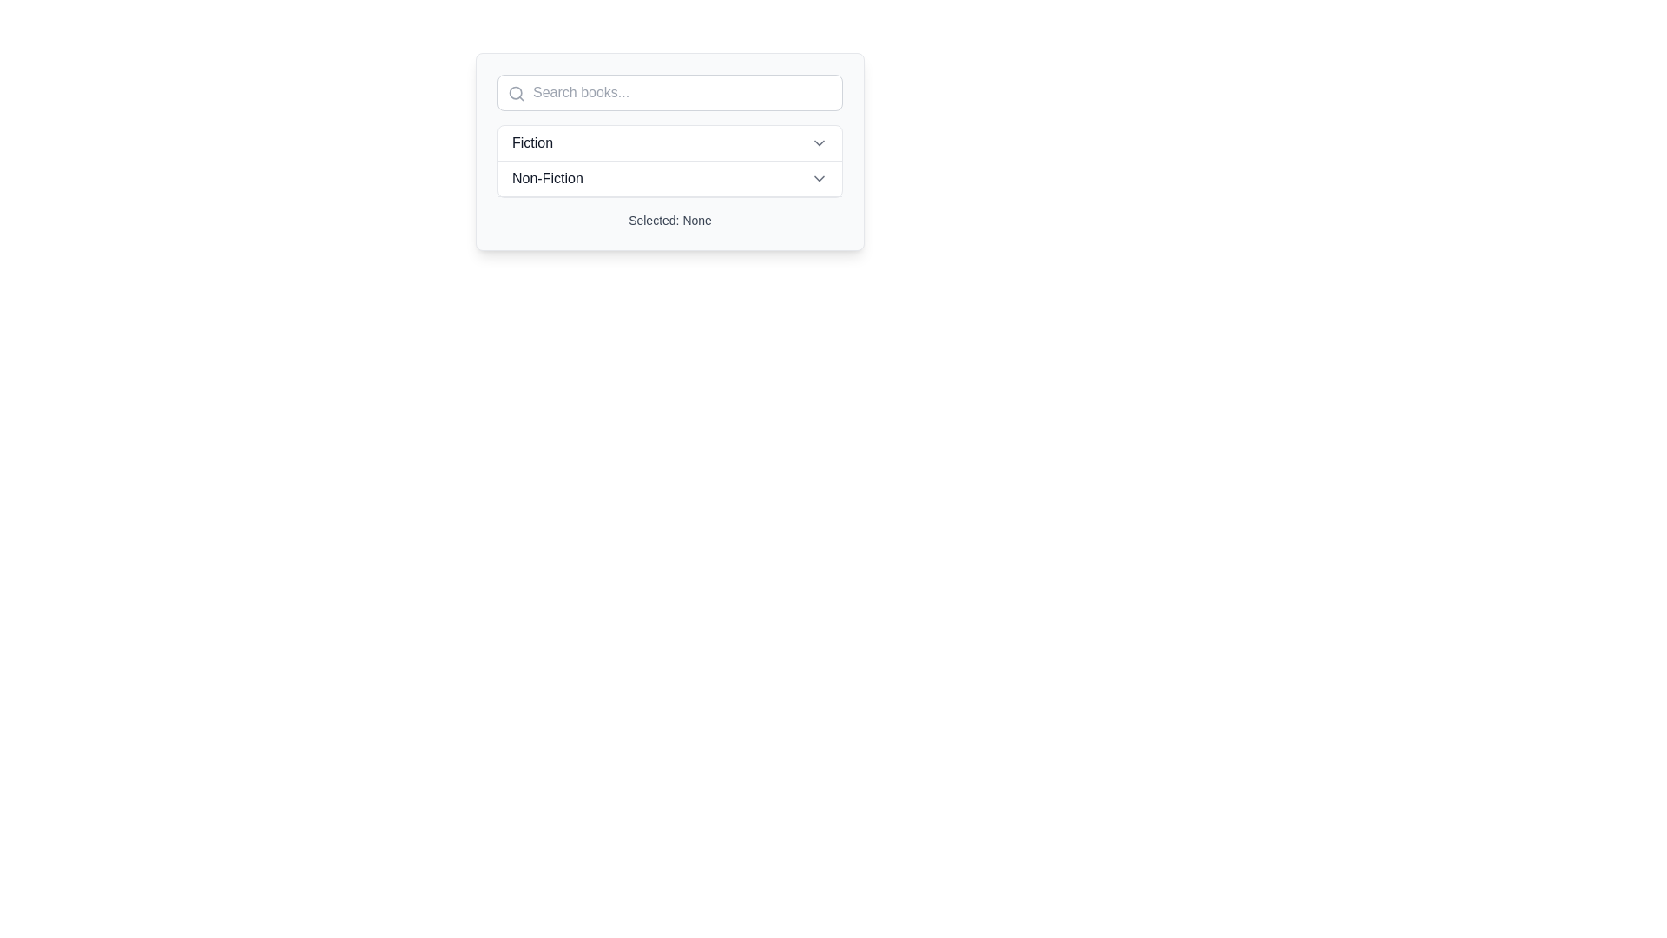 Image resolution: width=1667 pixels, height=938 pixels. Describe the element at coordinates (669, 142) in the screenshot. I see `the 'Fiction' dropdown option` at that location.